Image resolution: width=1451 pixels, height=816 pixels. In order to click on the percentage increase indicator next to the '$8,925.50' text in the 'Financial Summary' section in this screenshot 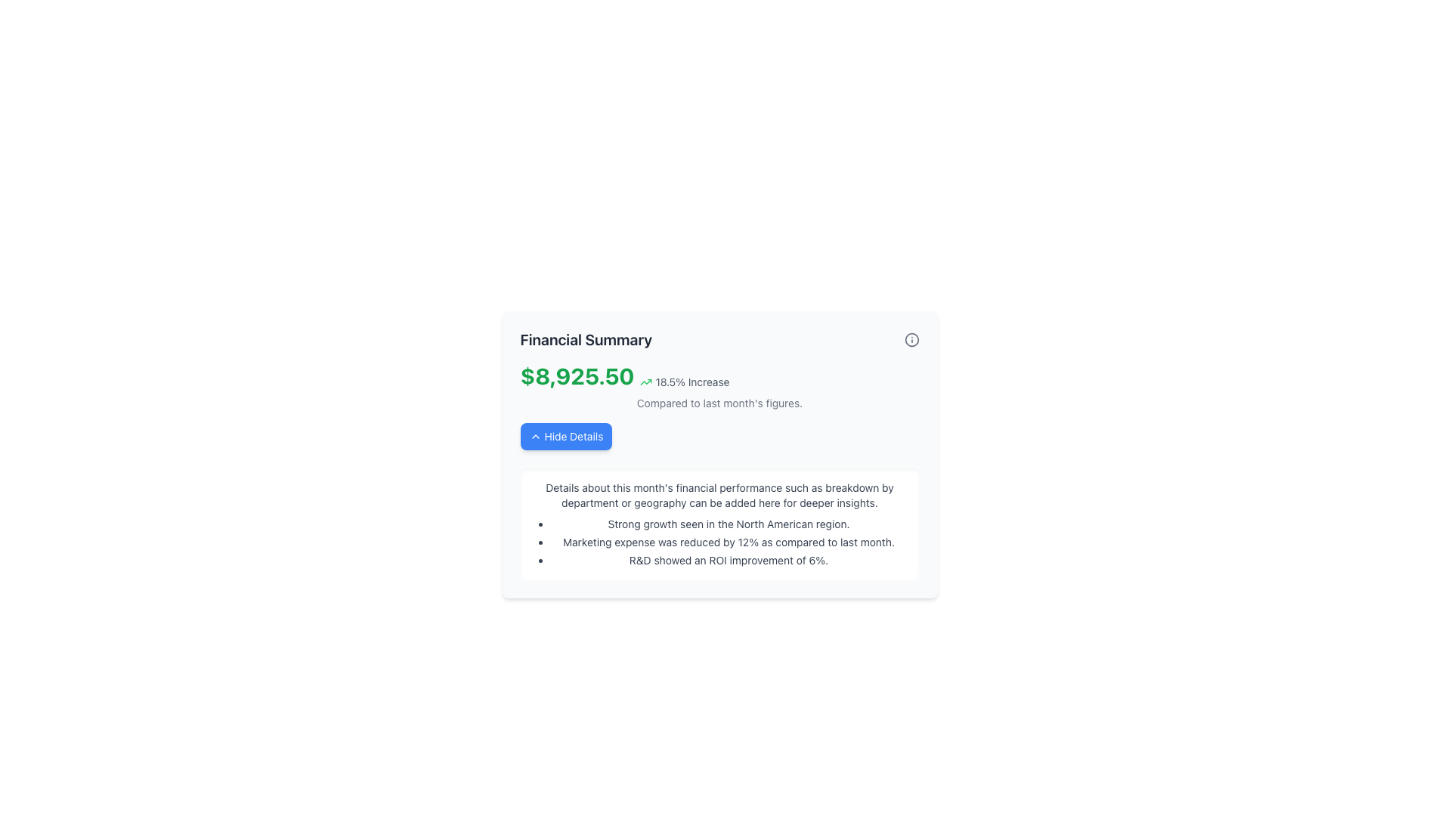, I will do `click(684, 381)`.